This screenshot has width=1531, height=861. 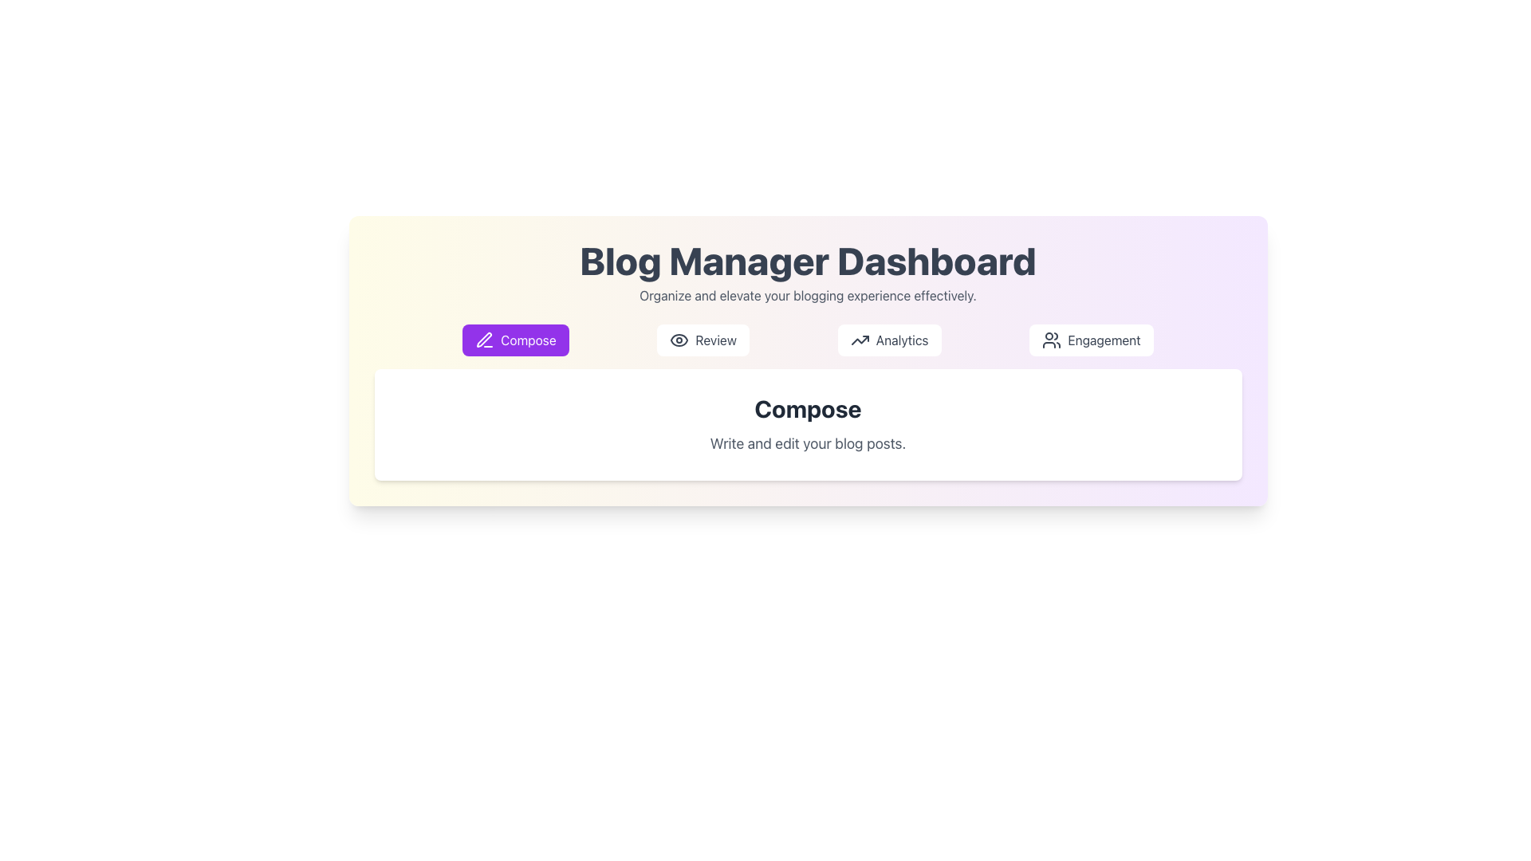 I want to click on the 'Engagement' button which features an icon resembling a group of people, positioned at the far-right of the row of buttons, so click(x=1052, y=340).